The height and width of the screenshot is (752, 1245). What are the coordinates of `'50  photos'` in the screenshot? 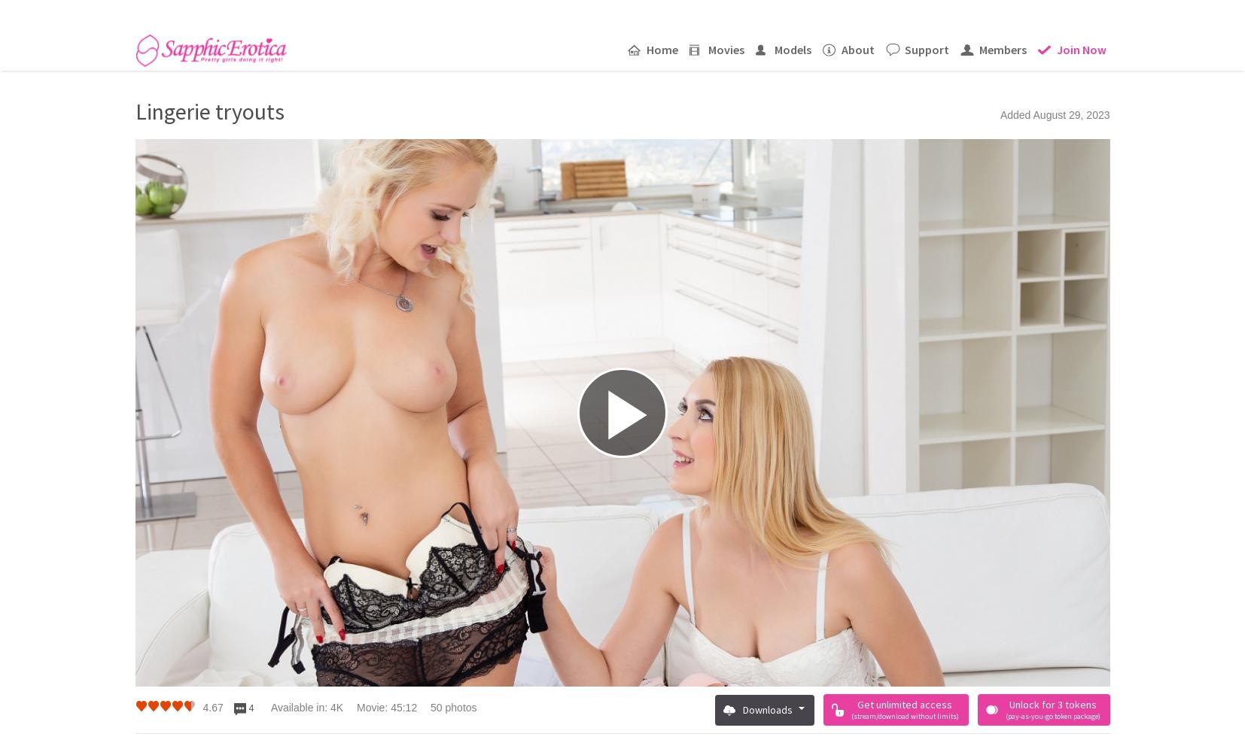 It's located at (453, 707).